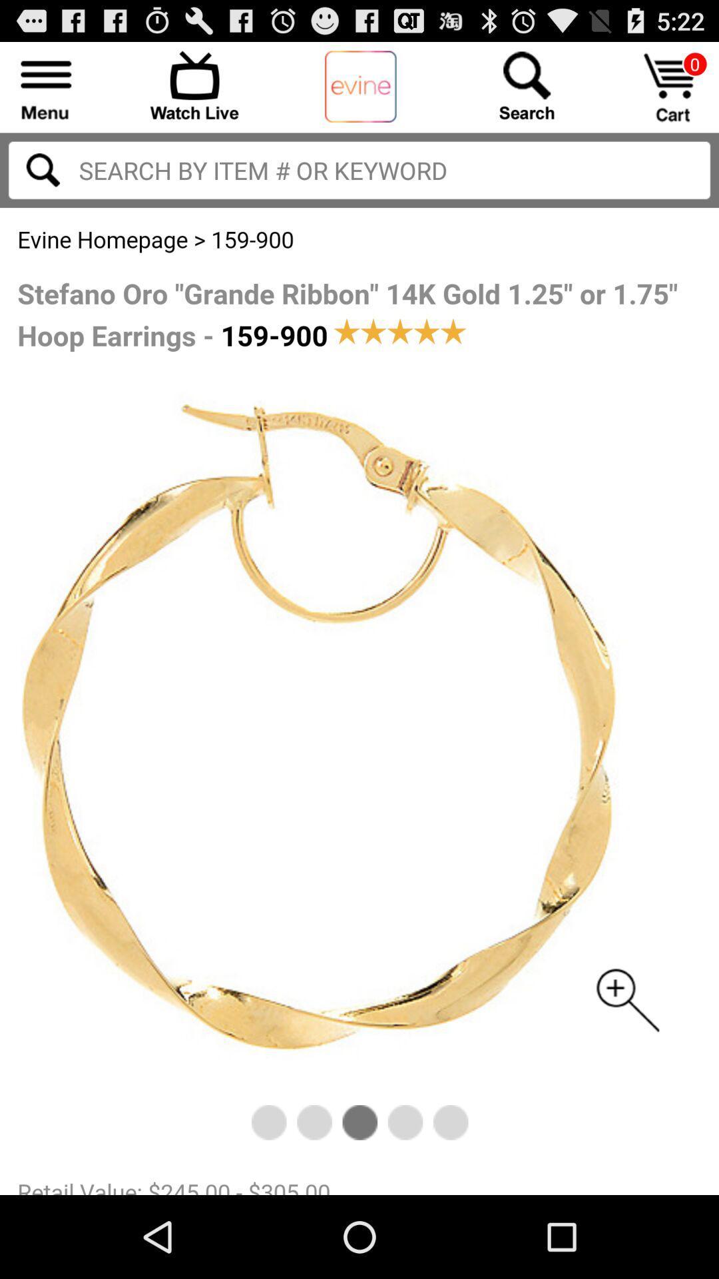  What do you see at coordinates (360, 87) in the screenshot?
I see `homepage` at bounding box center [360, 87].